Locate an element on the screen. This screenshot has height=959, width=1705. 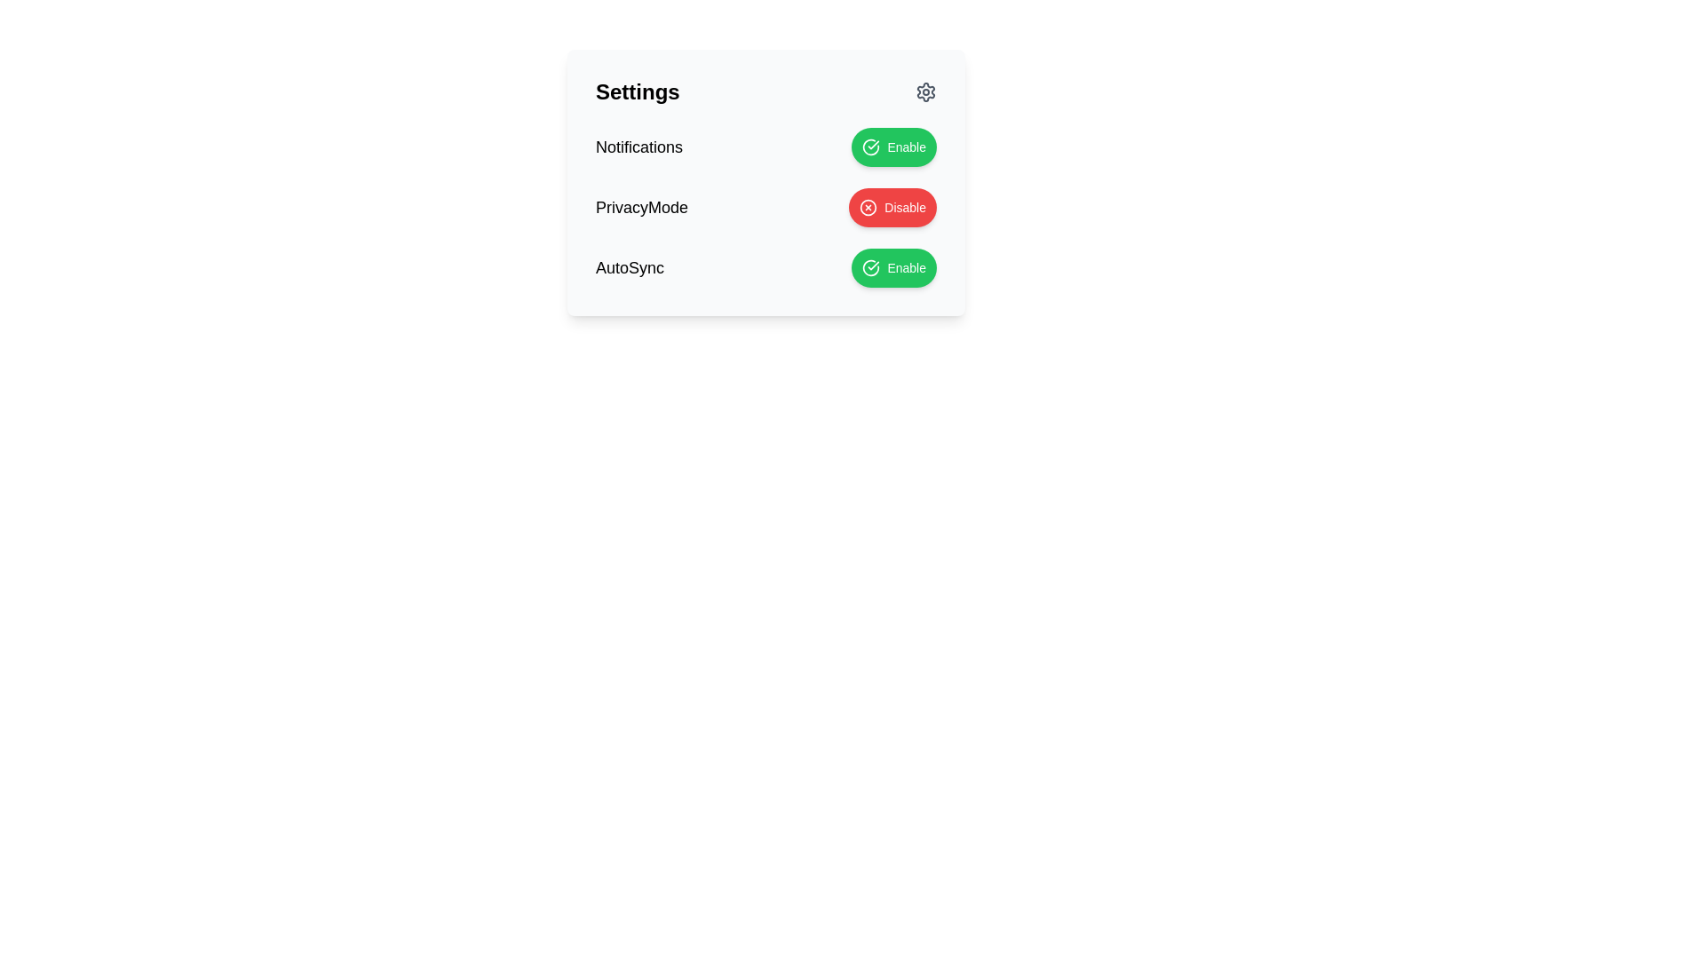
the text label reading 'PrivacyMode', which is styled in a large font and capitalized letters, located in the settings panel between 'Notifications' and 'AutoSync' is located at coordinates (641, 207).